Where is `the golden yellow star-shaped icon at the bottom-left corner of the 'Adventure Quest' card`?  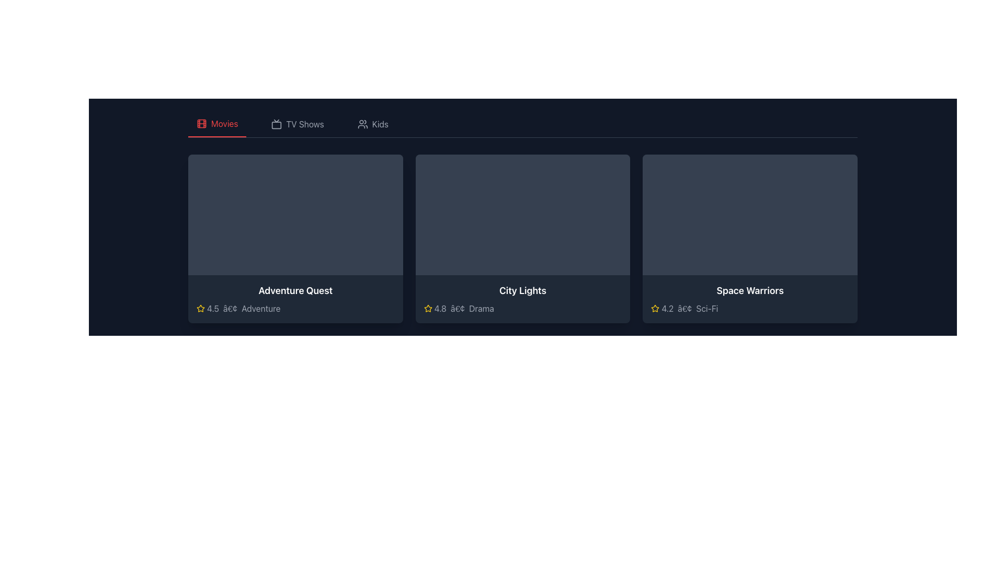
the golden yellow star-shaped icon at the bottom-left corner of the 'Adventure Quest' card is located at coordinates (201, 308).